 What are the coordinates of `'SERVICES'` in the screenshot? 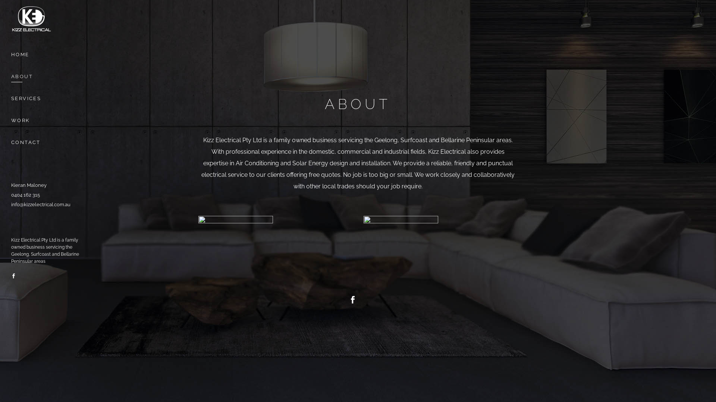 It's located at (48, 98).